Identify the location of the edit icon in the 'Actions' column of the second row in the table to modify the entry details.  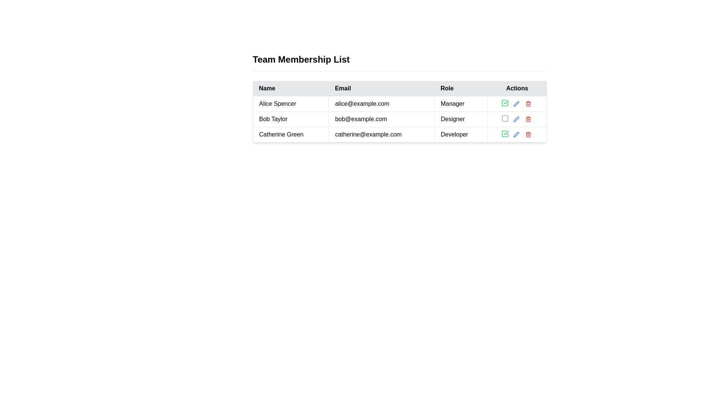
(516, 104).